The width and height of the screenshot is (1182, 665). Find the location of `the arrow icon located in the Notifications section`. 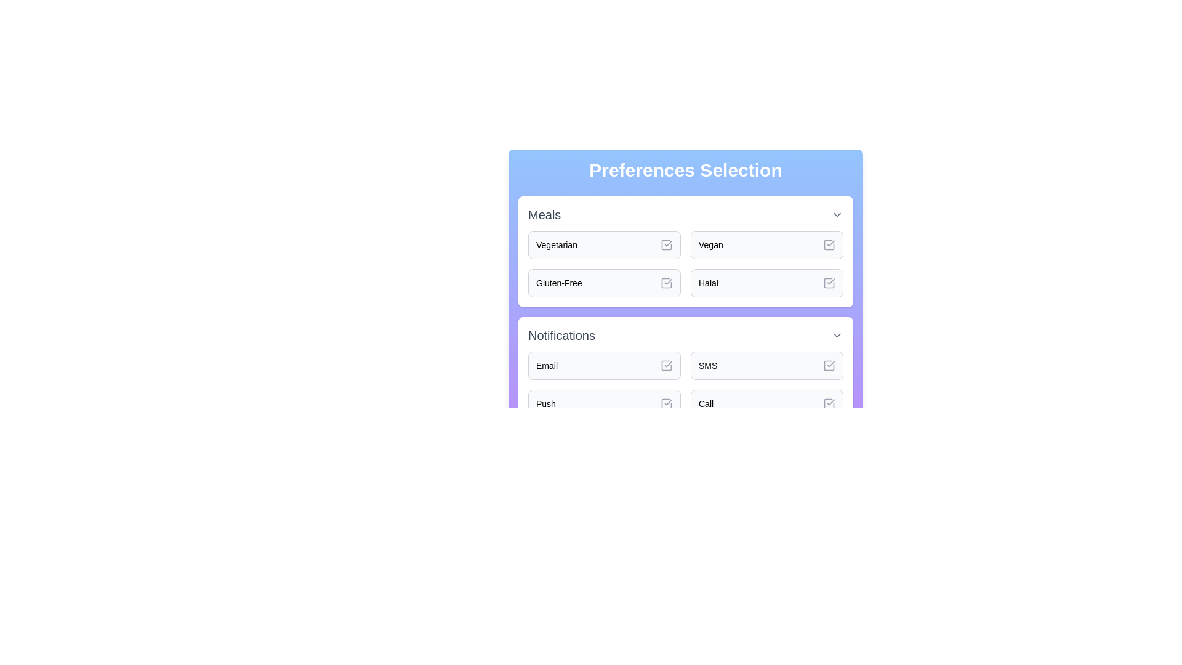

the arrow icon located in the Notifications section is located at coordinates (837, 335).